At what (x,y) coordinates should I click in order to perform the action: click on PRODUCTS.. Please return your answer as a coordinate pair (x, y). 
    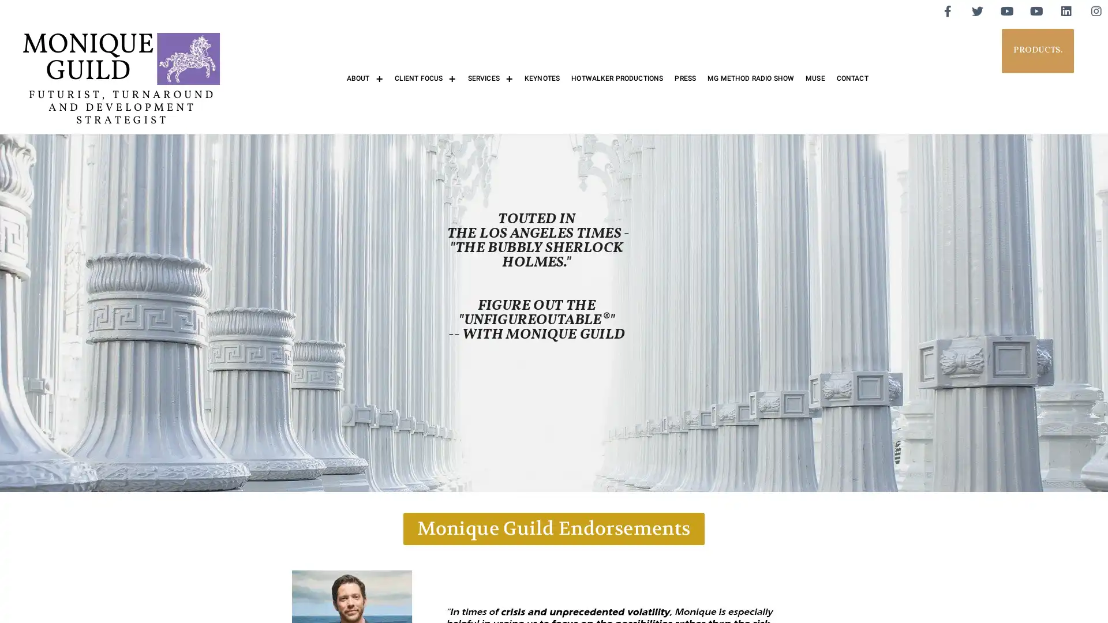
    Looking at the image, I should click on (1038, 50).